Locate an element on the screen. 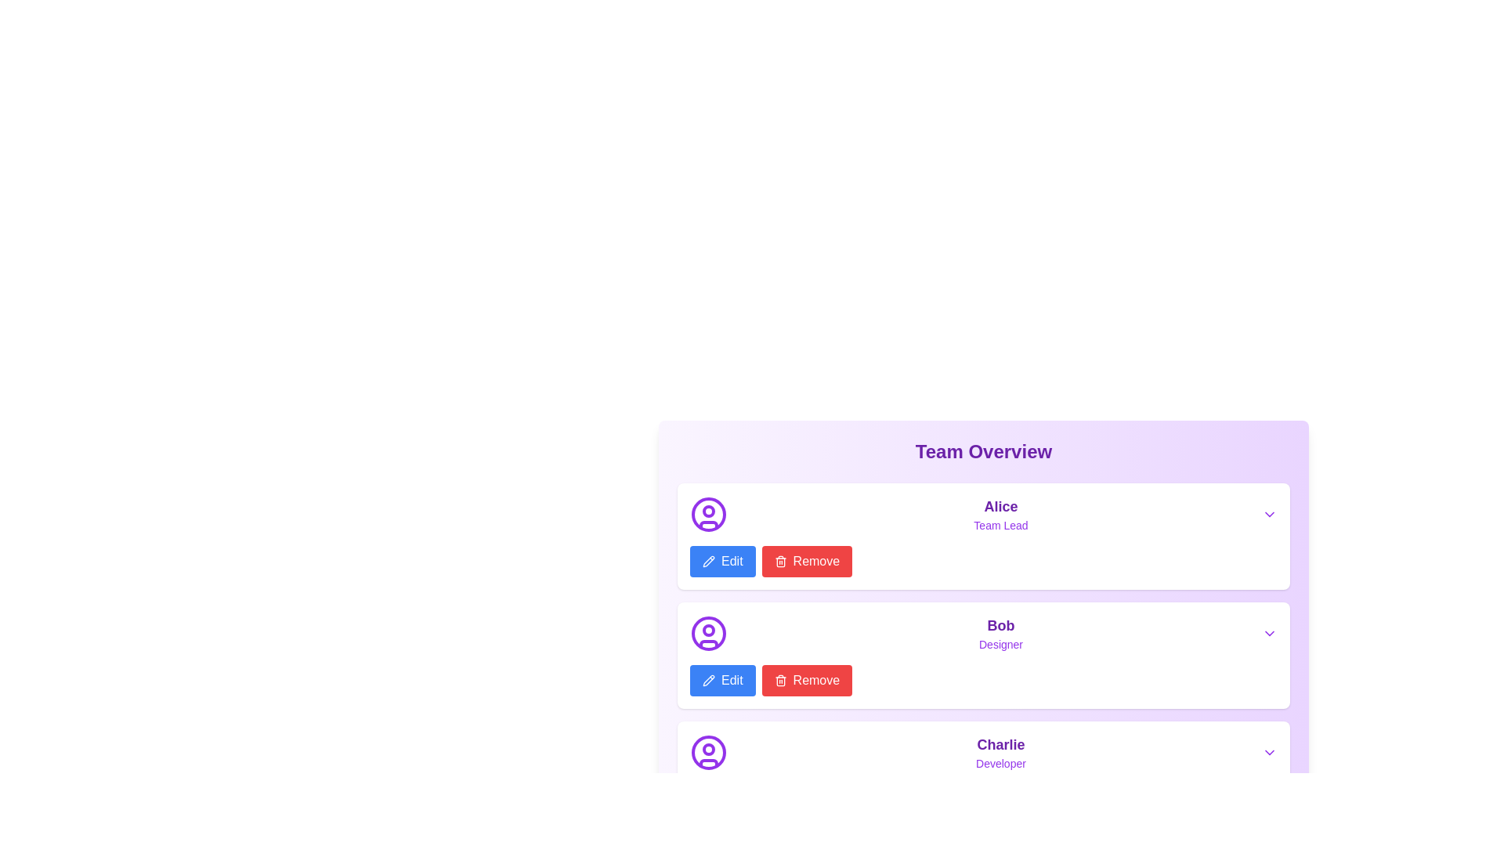 The image size is (1504, 846). the 'Remove User' button located is located at coordinates (807, 561).